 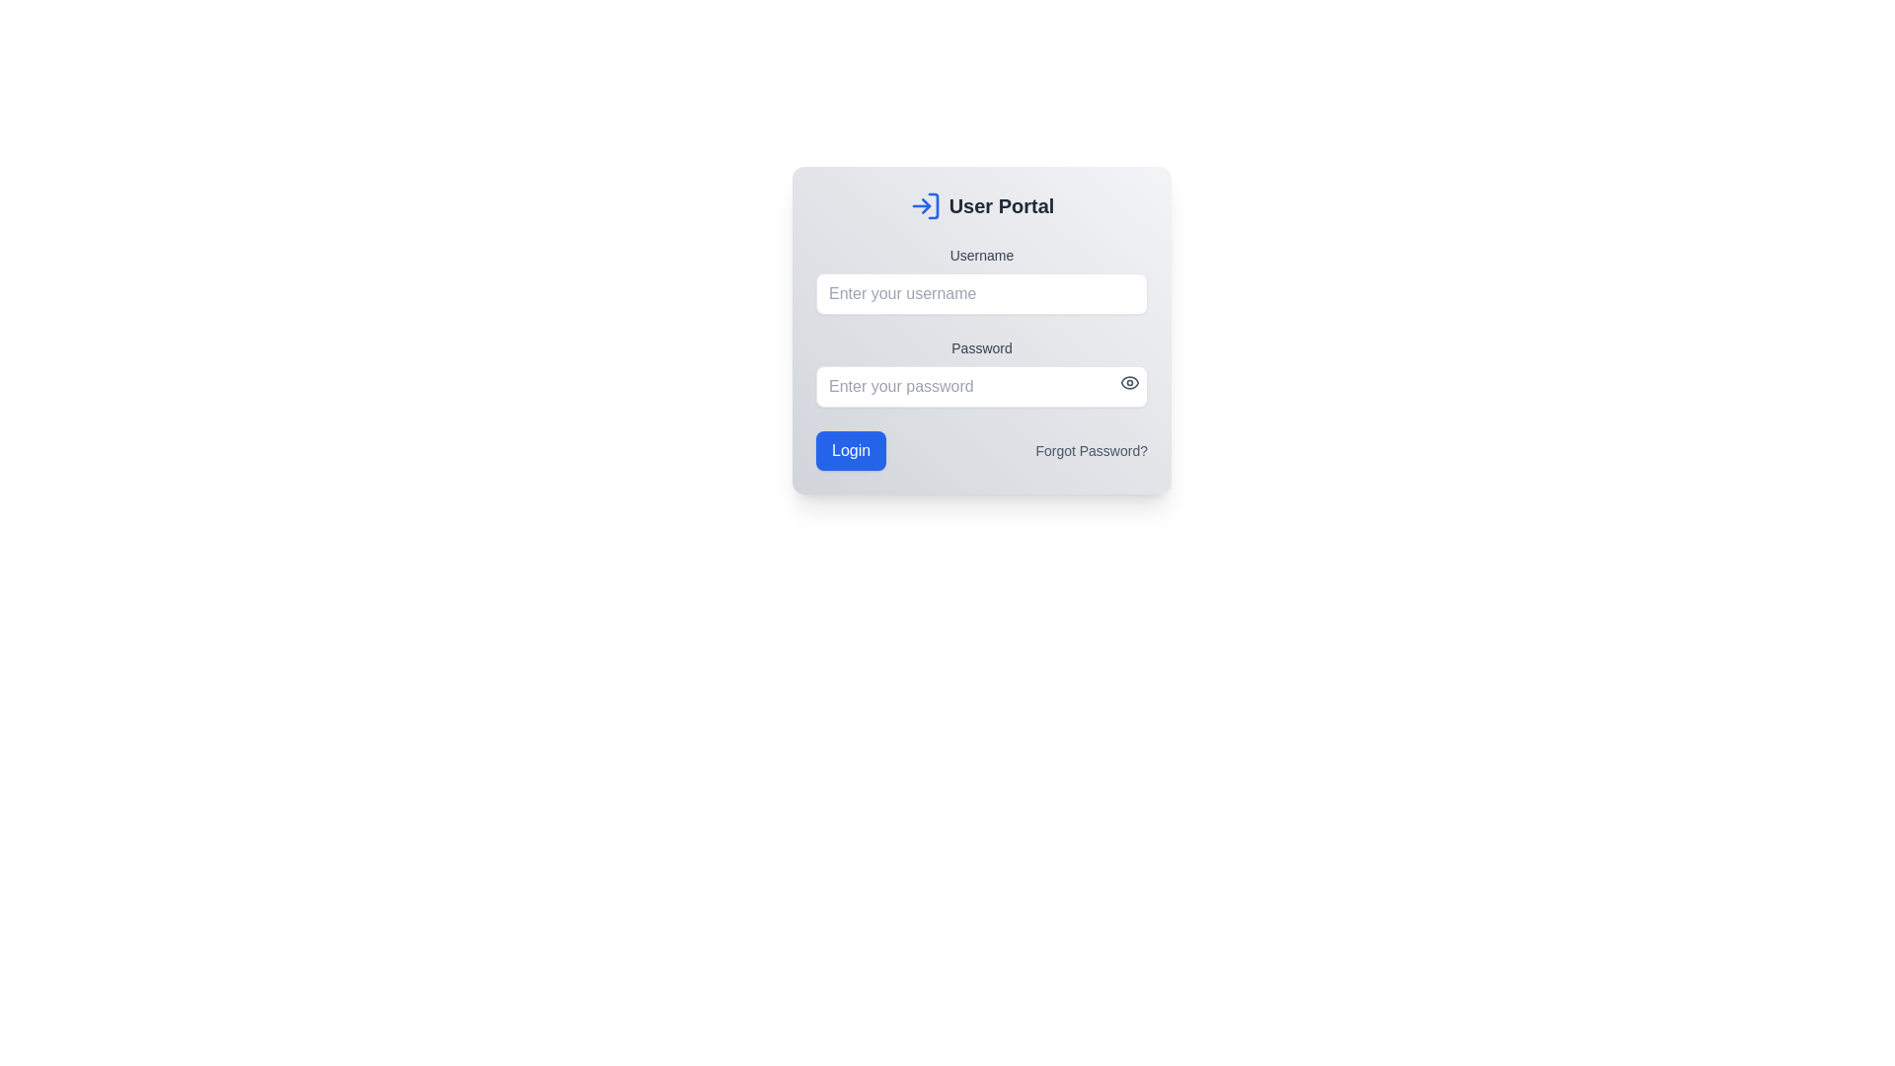 What do you see at coordinates (924, 205) in the screenshot?
I see `the log-in icon positioned to the left of the 'User Portal' text in the header area` at bounding box center [924, 205].